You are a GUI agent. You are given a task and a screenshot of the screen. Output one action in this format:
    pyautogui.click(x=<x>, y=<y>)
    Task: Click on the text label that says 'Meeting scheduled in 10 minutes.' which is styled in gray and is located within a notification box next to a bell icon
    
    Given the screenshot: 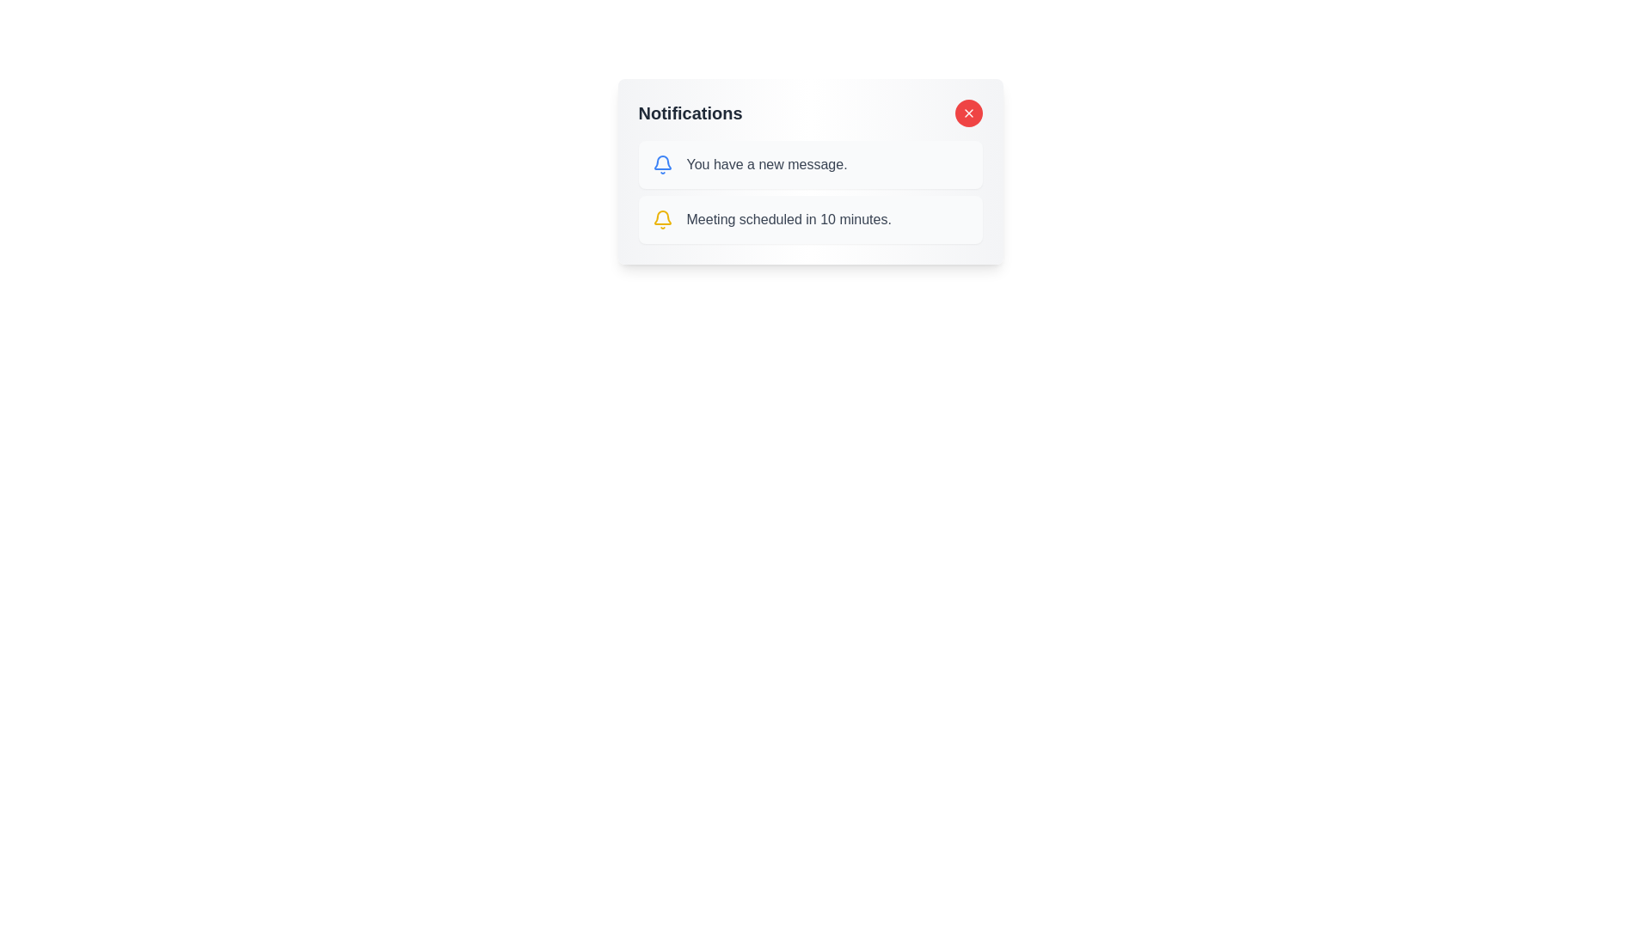 What is the action you would take?
    pyautogui.click(x=788, y=218)
    